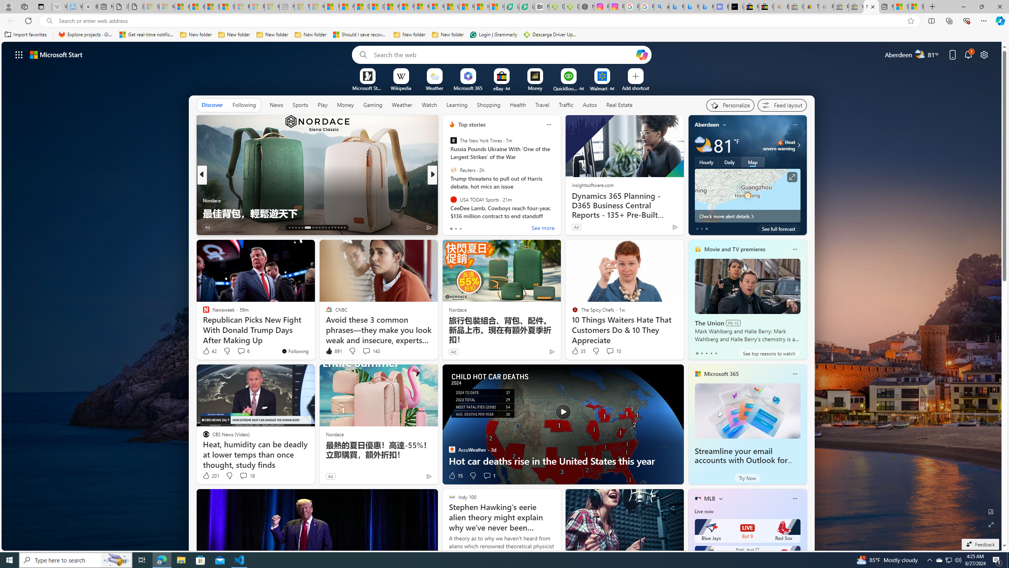  Describe the element at coordinates (730, 105) in the screenshot. I see `'Personalize your feed"'` at that location.